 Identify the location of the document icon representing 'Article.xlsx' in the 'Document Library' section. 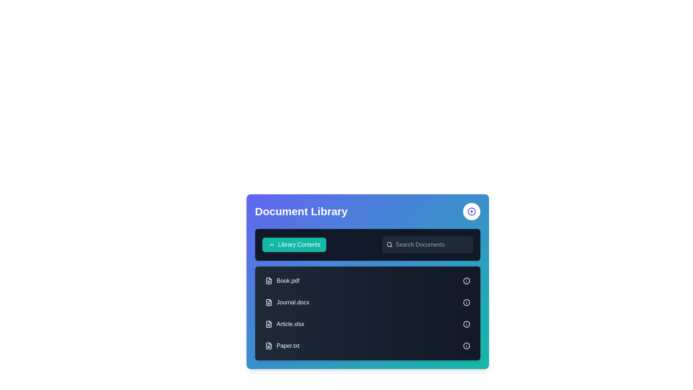
(268, 324).